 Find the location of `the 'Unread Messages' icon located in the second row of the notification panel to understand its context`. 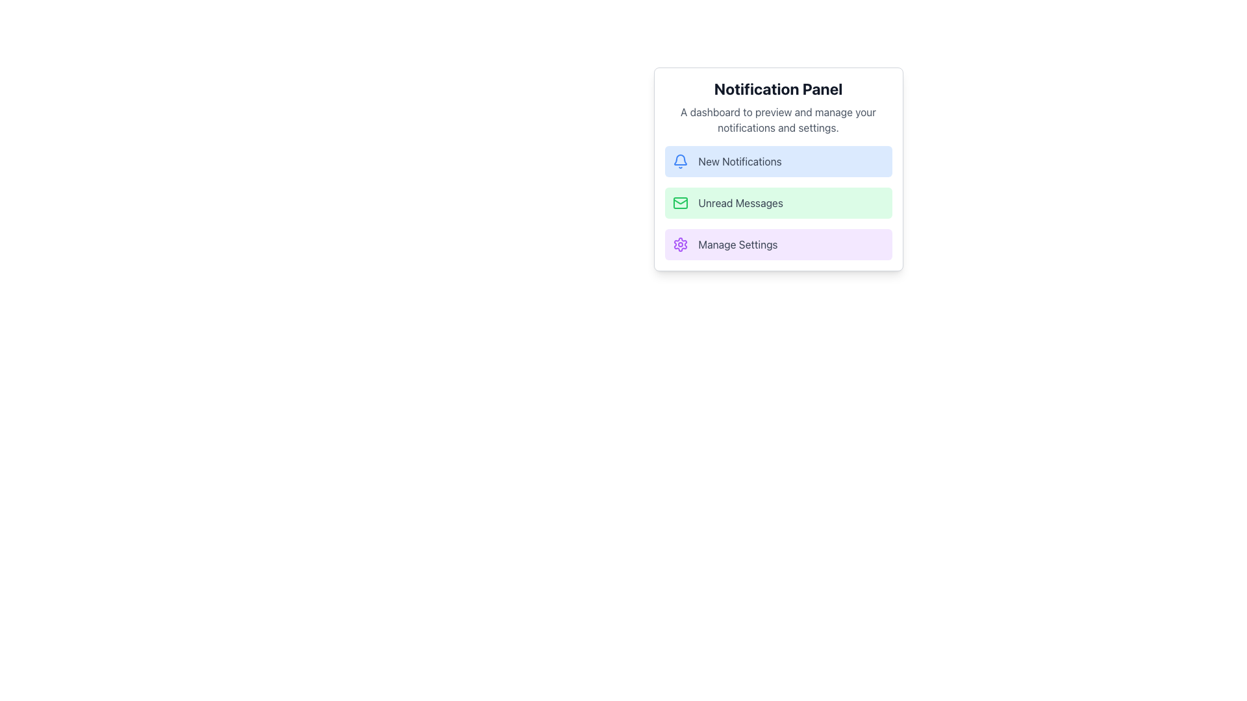

the 'Unread Messages' icon located in the second row of the notification panel to understand its context is located at coordinates (679, 202).